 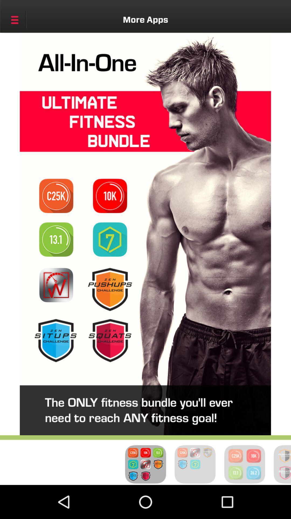 What do you see at coordinates (110, 195) in the screenshot?
I see `10k challenge` at bounding box center [110, 195].